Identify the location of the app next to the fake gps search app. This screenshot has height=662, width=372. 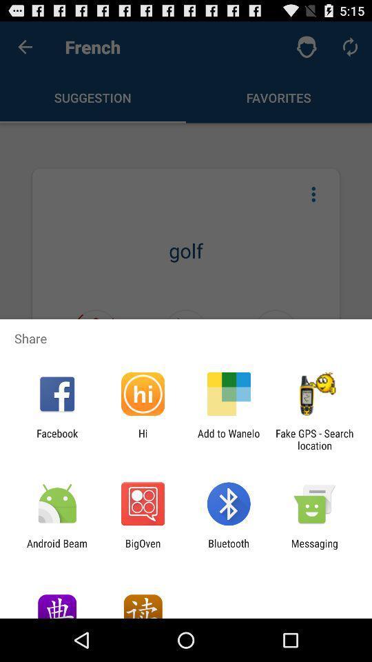
(229, 439).